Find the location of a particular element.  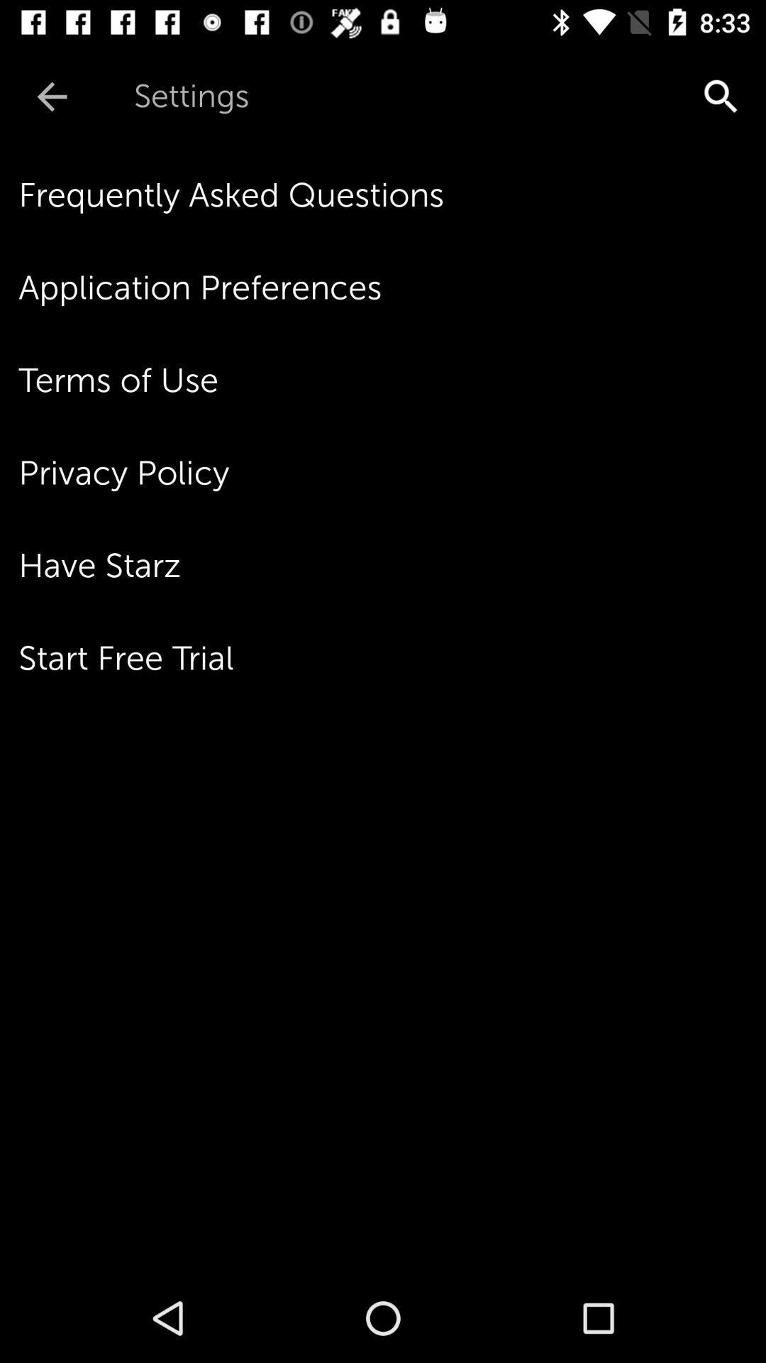

icon above the application preferences icon is located at coordinates (392, 195).